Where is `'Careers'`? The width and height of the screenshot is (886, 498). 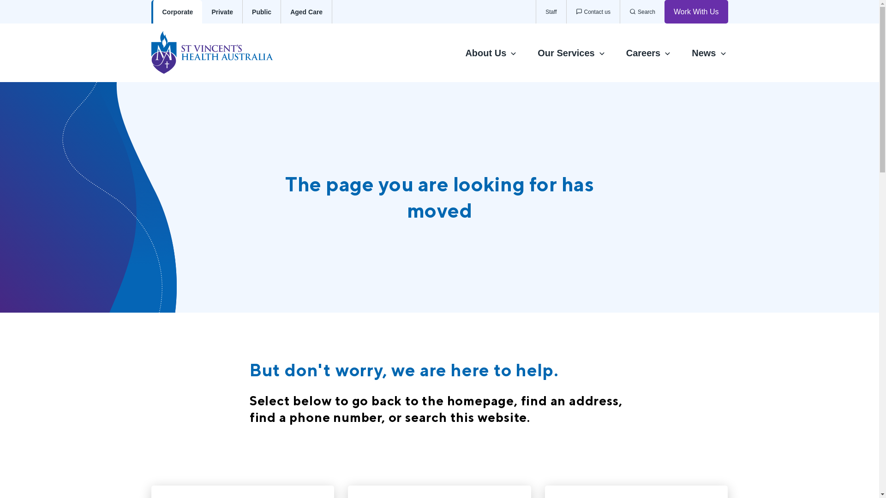
'Careers' is located at coordinates (648, 53).